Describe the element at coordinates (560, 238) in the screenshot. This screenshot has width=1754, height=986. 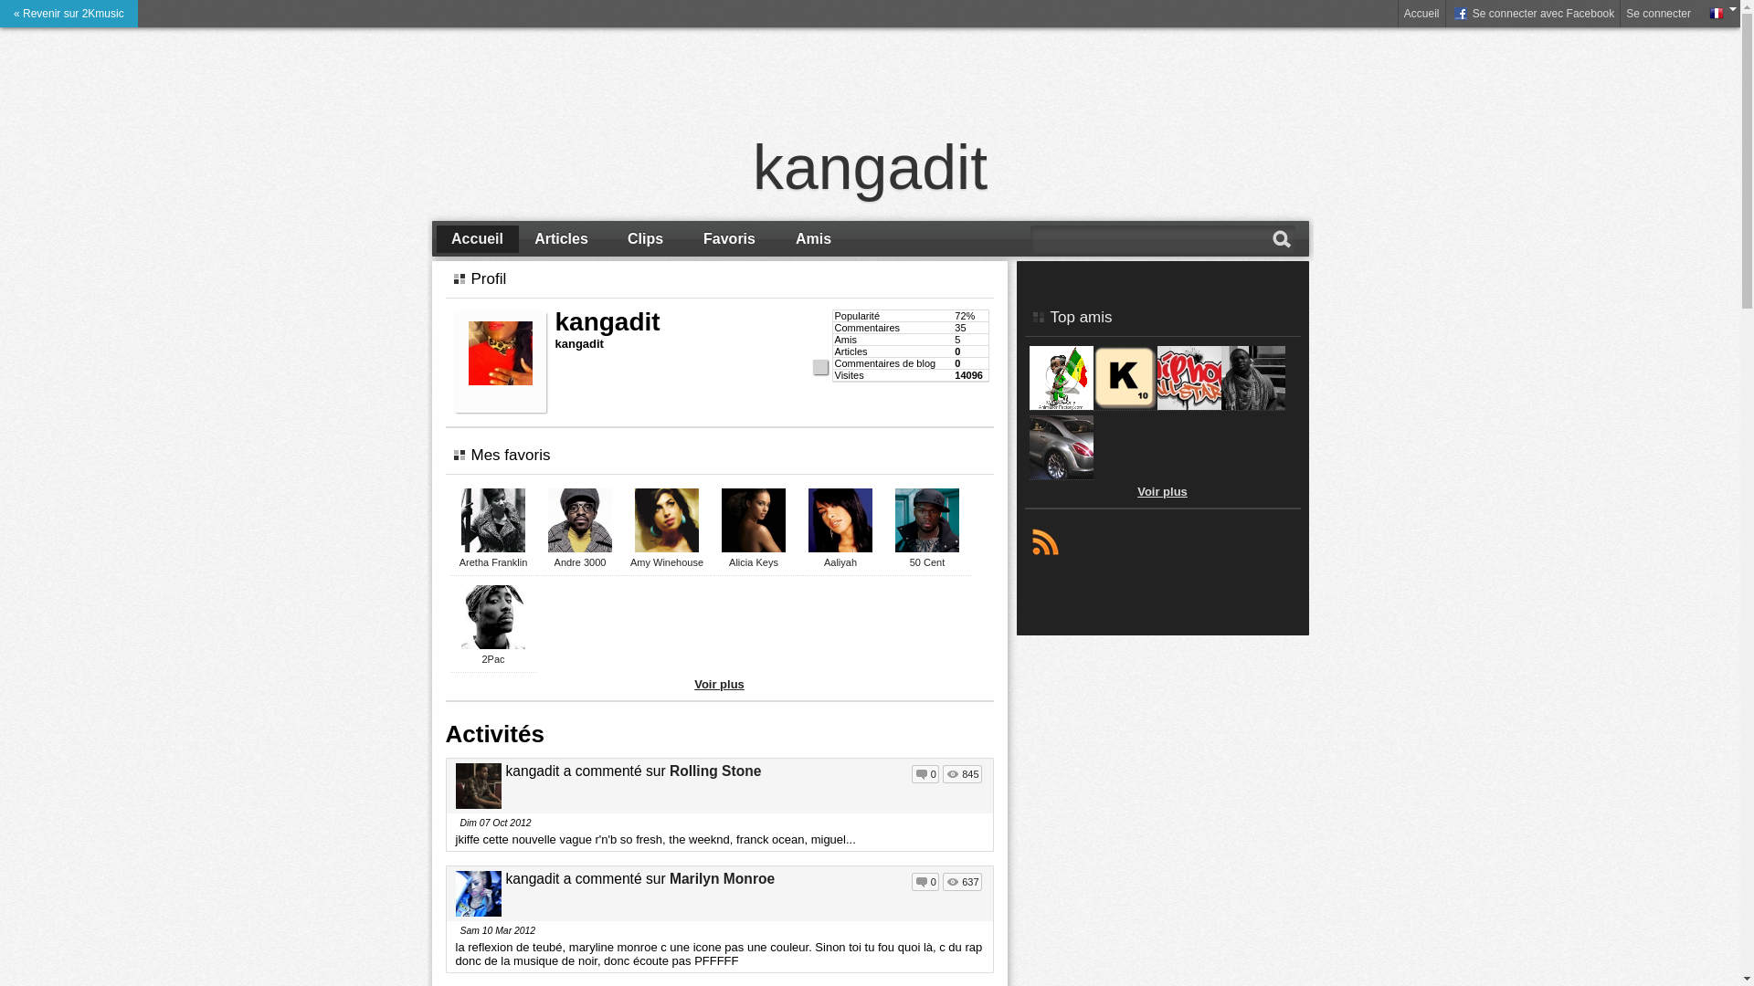
I see `'Articles'` at that location.